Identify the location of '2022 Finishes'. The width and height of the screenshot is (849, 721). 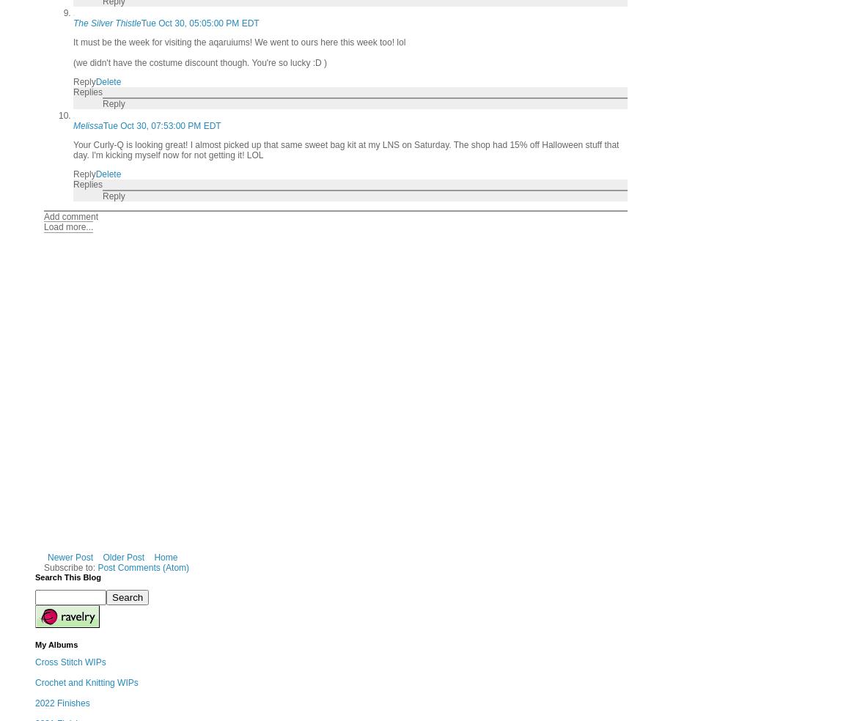
(34, 703).